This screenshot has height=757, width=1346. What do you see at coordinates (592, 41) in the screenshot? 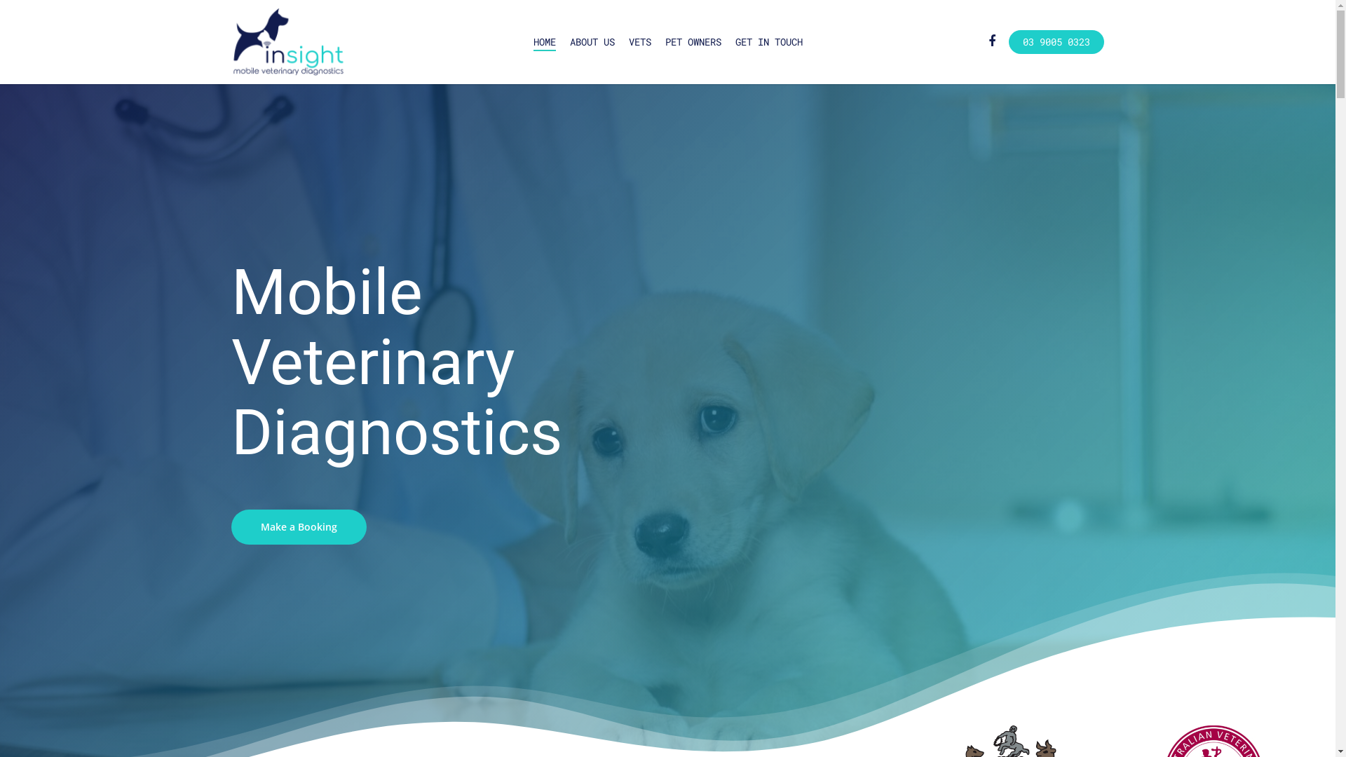
I see `'ABOUT US'` at bounding box center [592, 41].